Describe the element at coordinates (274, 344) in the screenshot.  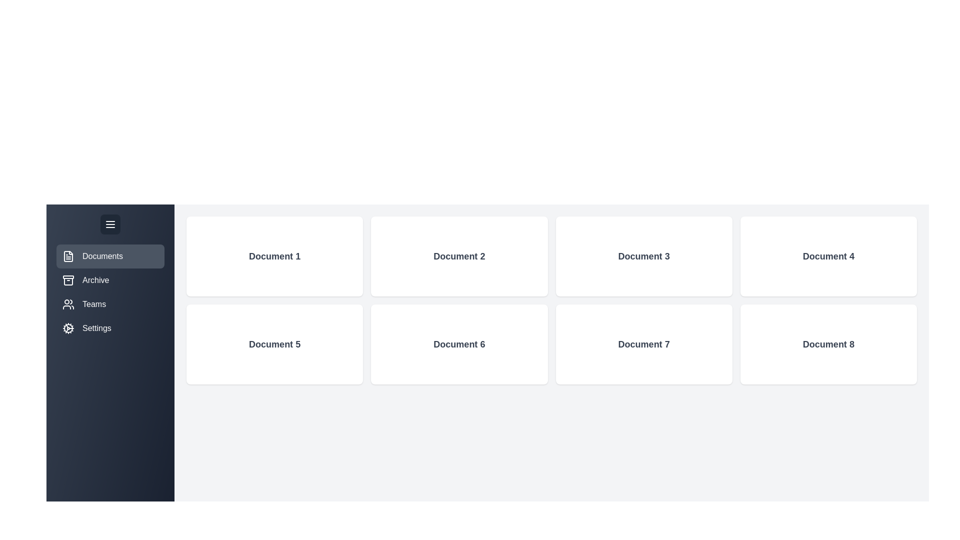
I see `the 'Document 5' box to view its details` at that location.